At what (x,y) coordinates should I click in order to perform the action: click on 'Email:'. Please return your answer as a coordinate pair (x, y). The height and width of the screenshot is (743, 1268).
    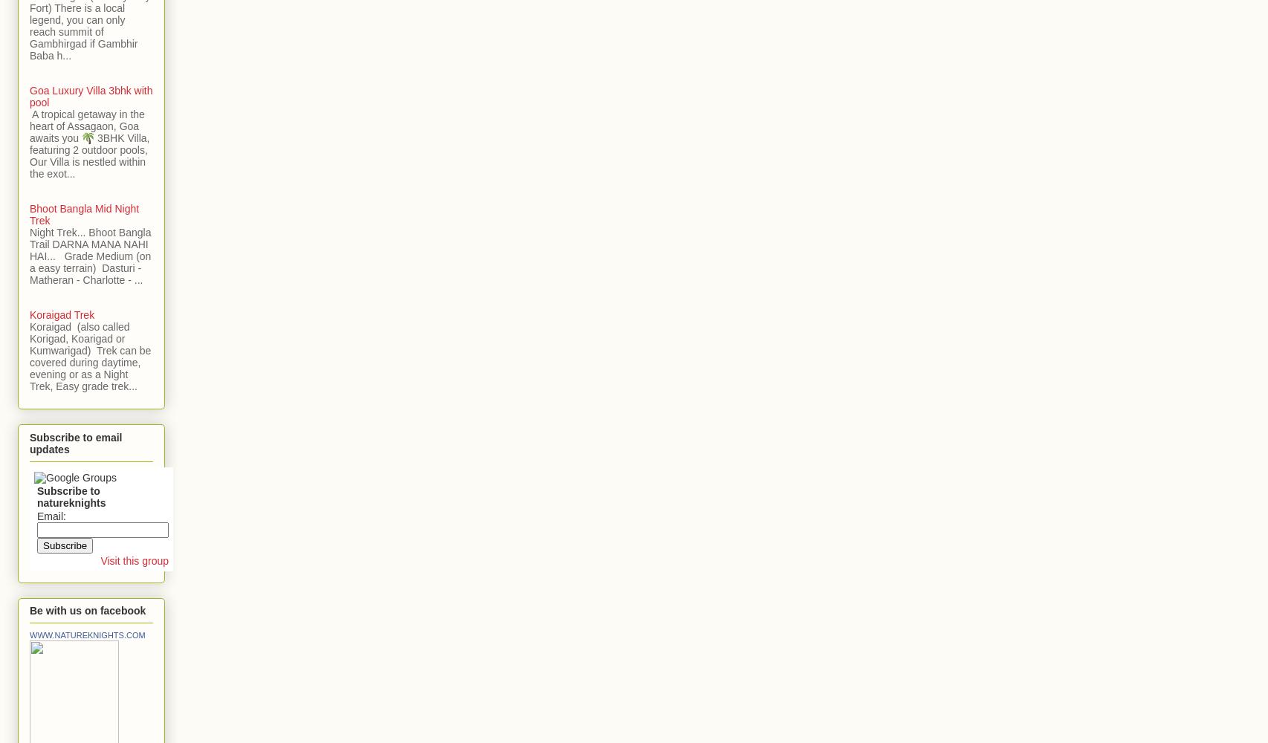
    Looking at the image, I should click on (51, 515).